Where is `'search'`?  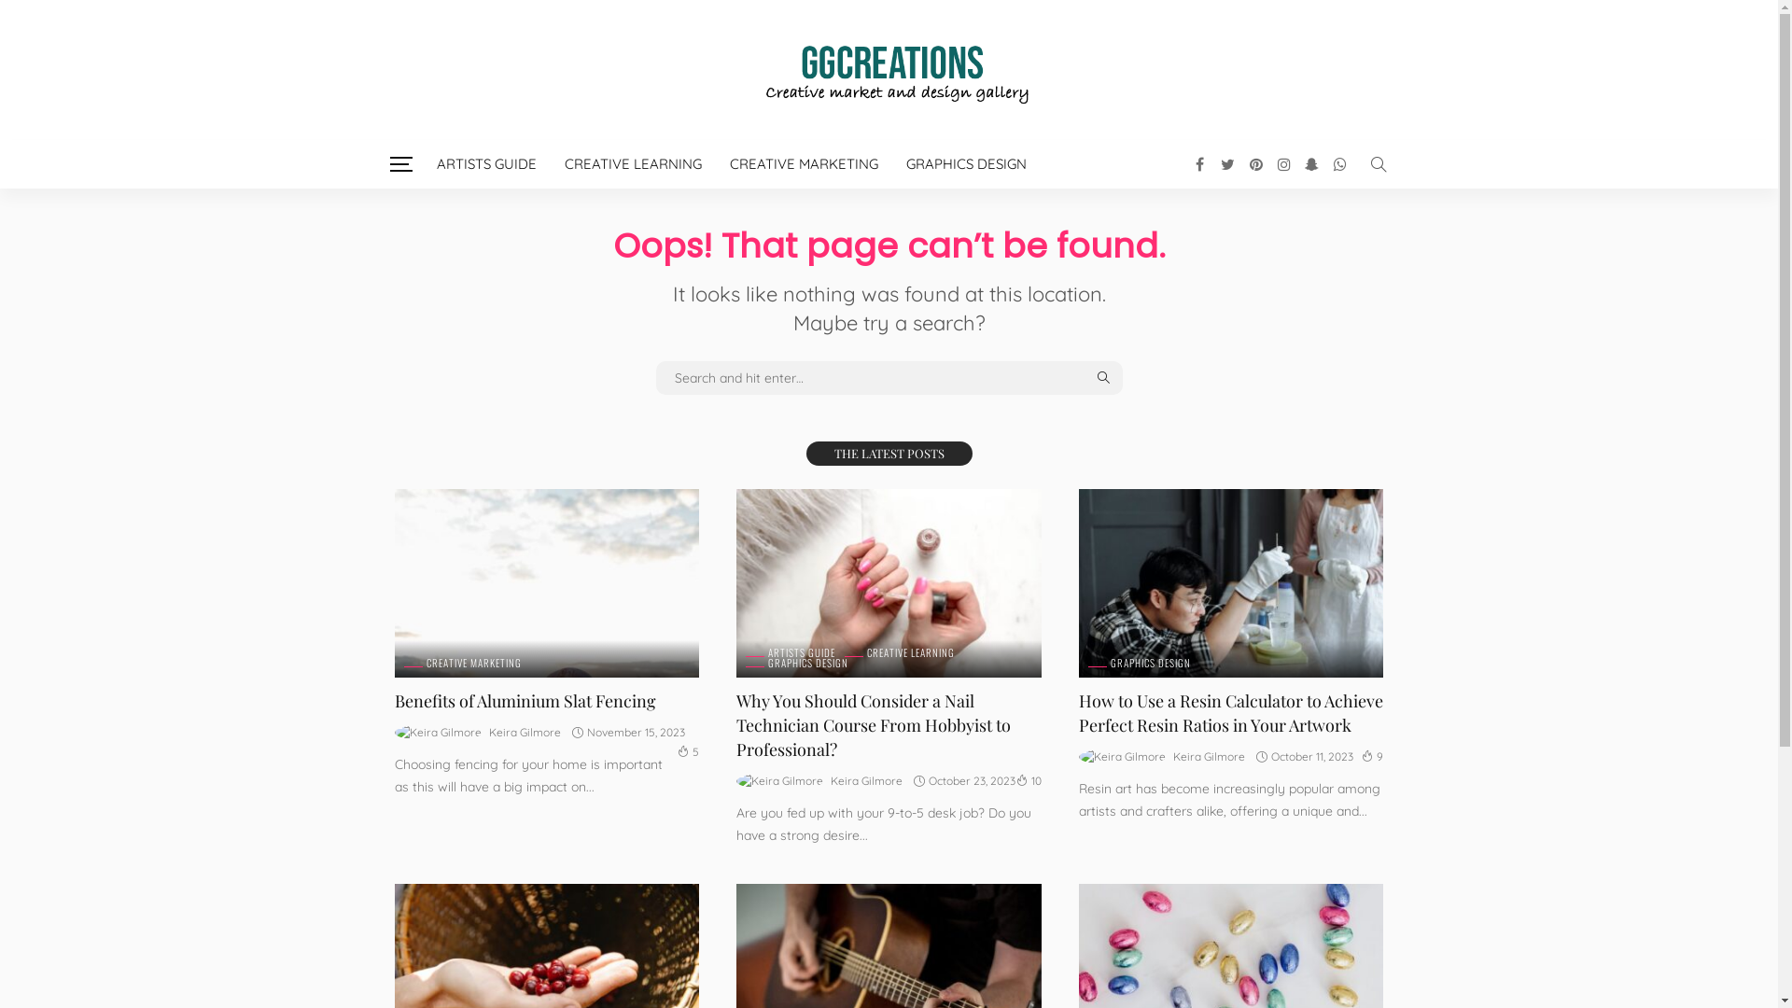
'search' is located at coordinates (1378, 163).